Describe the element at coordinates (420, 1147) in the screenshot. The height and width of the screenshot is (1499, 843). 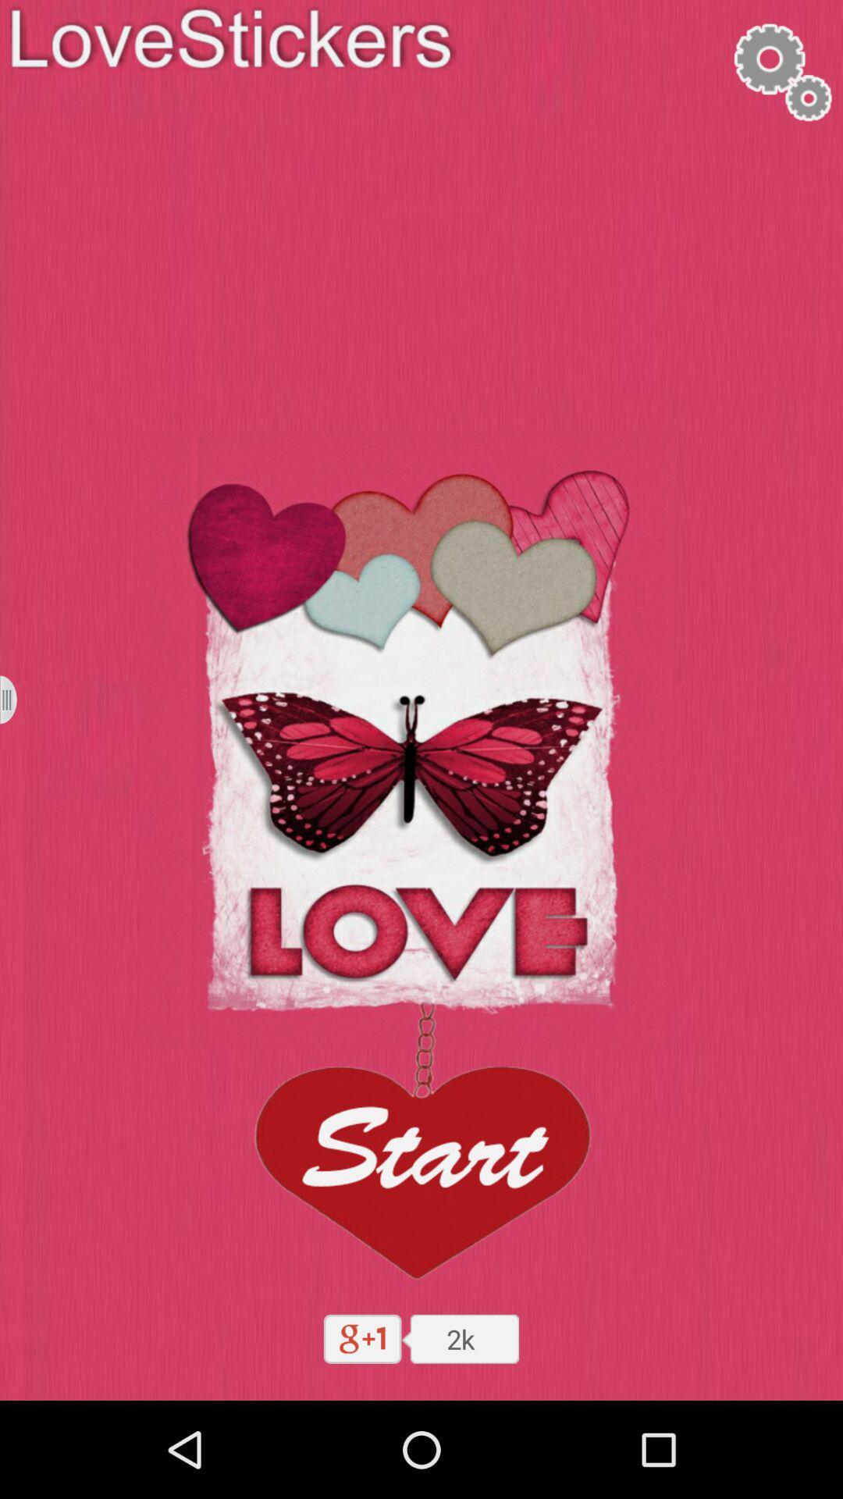
I see `start` at that location.